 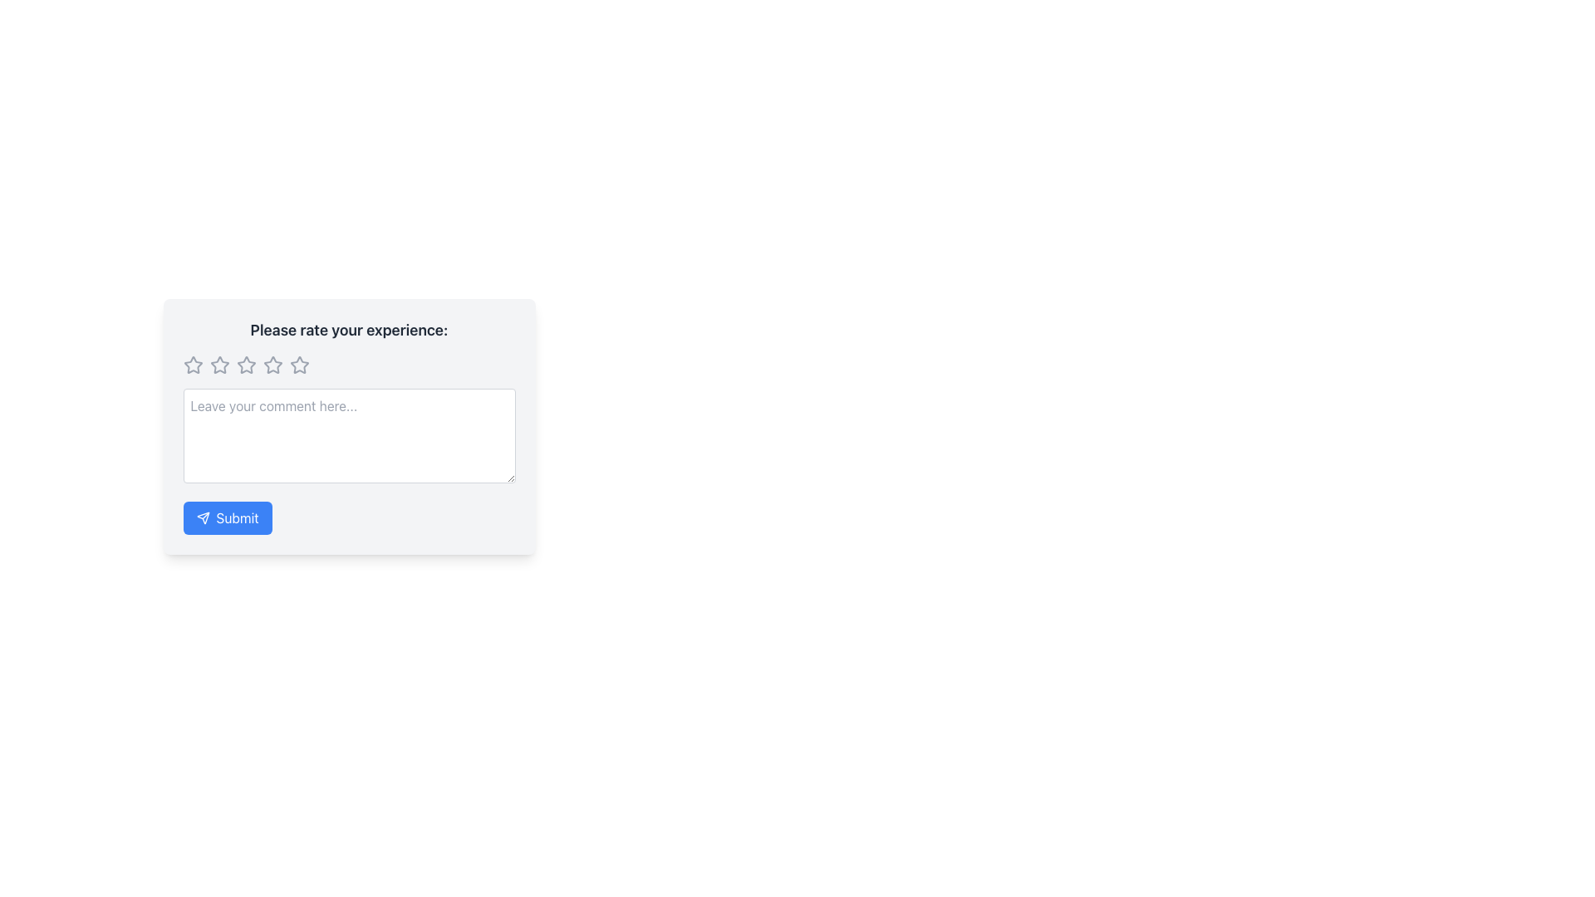 What do you see at coordinates (272, 364) in the screenshot?
I see `the second star icon, which is highlighted in red` at bounding box center [272, 364].